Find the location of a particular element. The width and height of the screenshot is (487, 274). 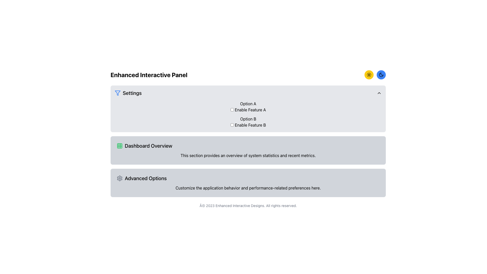

the advanced settings icon located to the left of the 'Advanced Options' text in the third row of the settings list under the 'Dashboard Overview' section is located at coordinates (119, 178).